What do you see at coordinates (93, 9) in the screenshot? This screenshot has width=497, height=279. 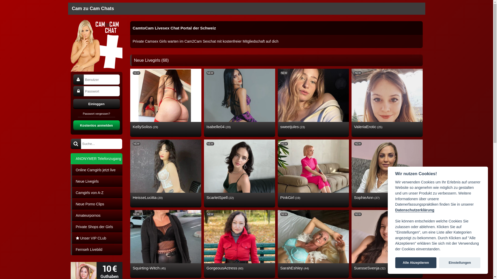 I see `'Cam zu Cam Chats'` at bounding box center [93, 9].